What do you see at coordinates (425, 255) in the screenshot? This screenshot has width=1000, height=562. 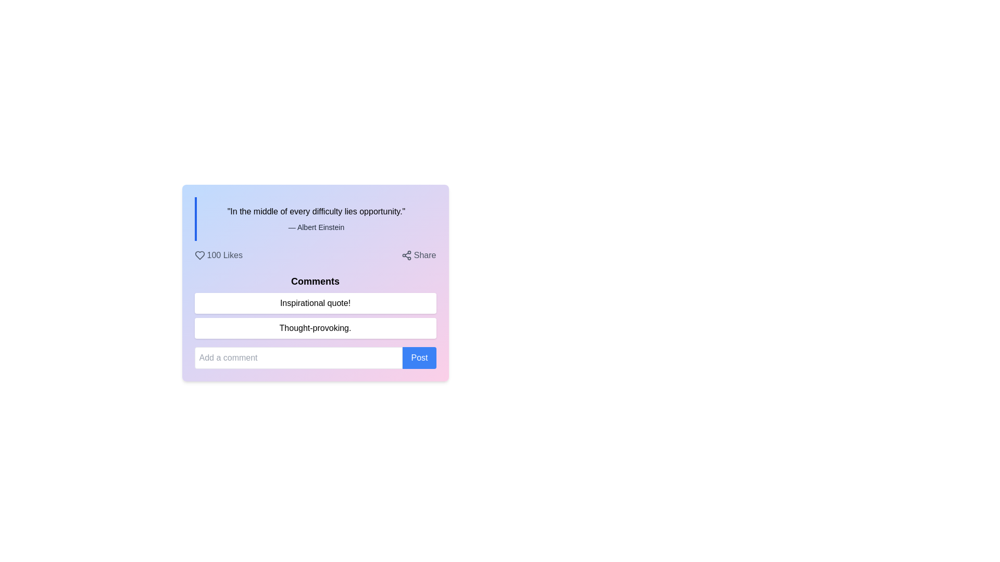 I see `the 'Share' text label located to the right of the share icon in the upper-right corner of the card component` at bounding box center [425, 255].